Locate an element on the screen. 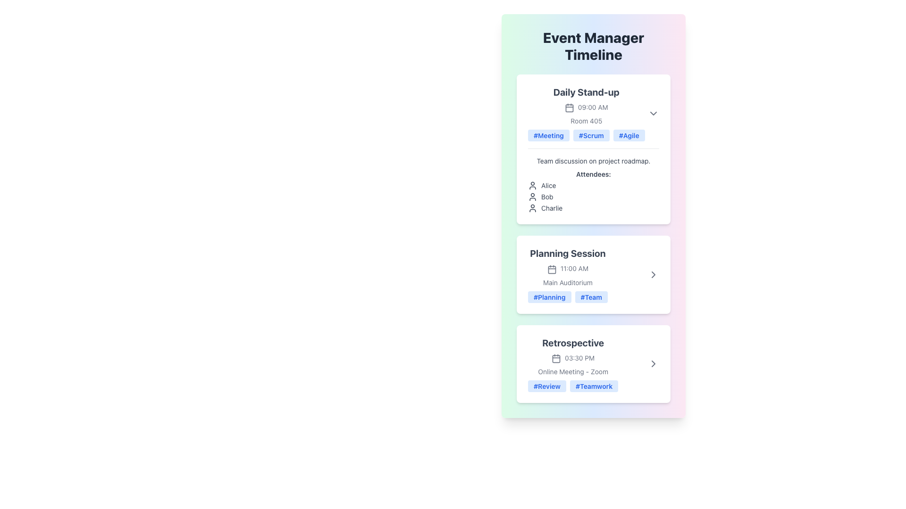 The image size is (906, 509). the first tag in the 'Planning Session' section, which serves as a descriptive label and is located slightly to the left of the '#Team' tag is located at coordinates (549, 297).